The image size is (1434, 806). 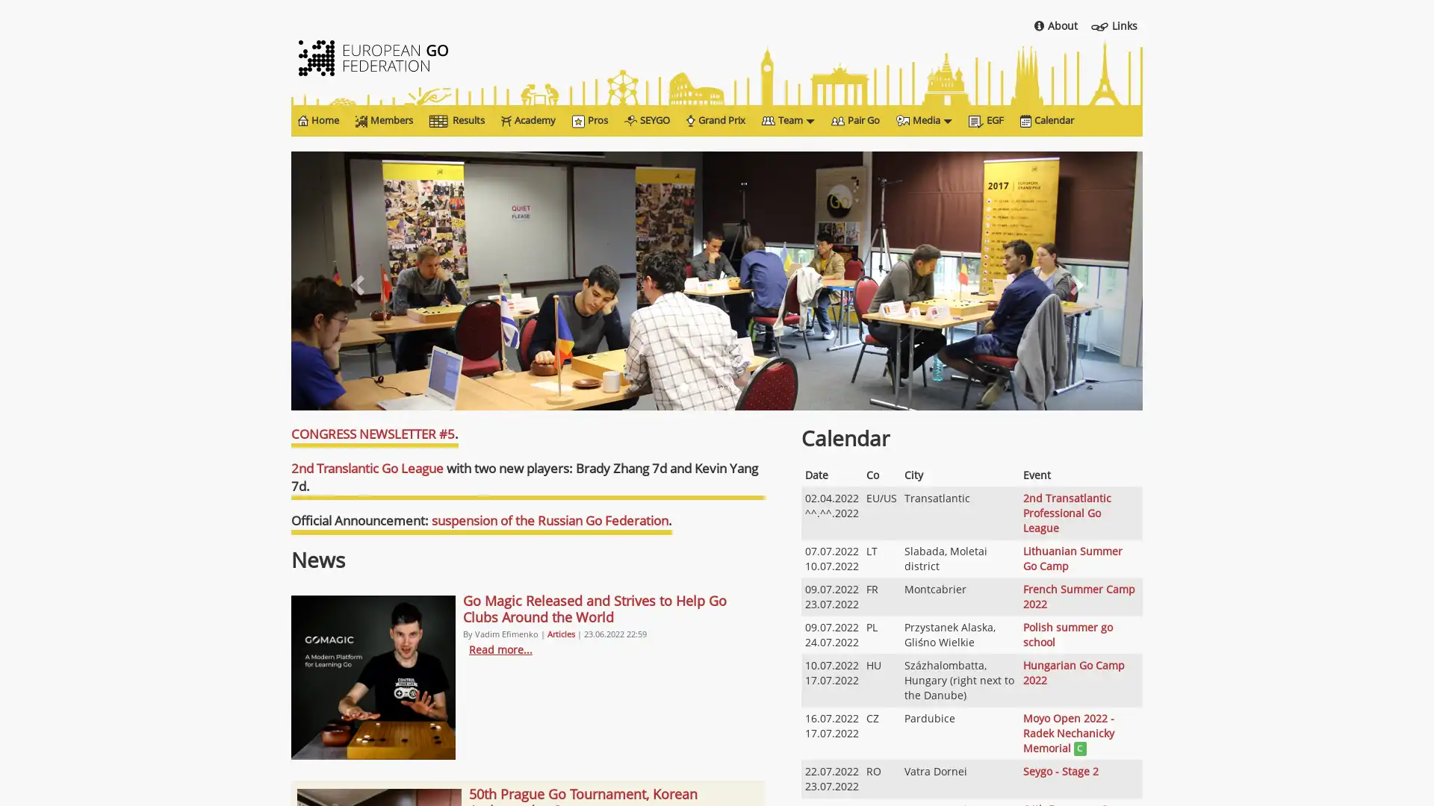 I want to click on Media, so click(x=925, y=119).